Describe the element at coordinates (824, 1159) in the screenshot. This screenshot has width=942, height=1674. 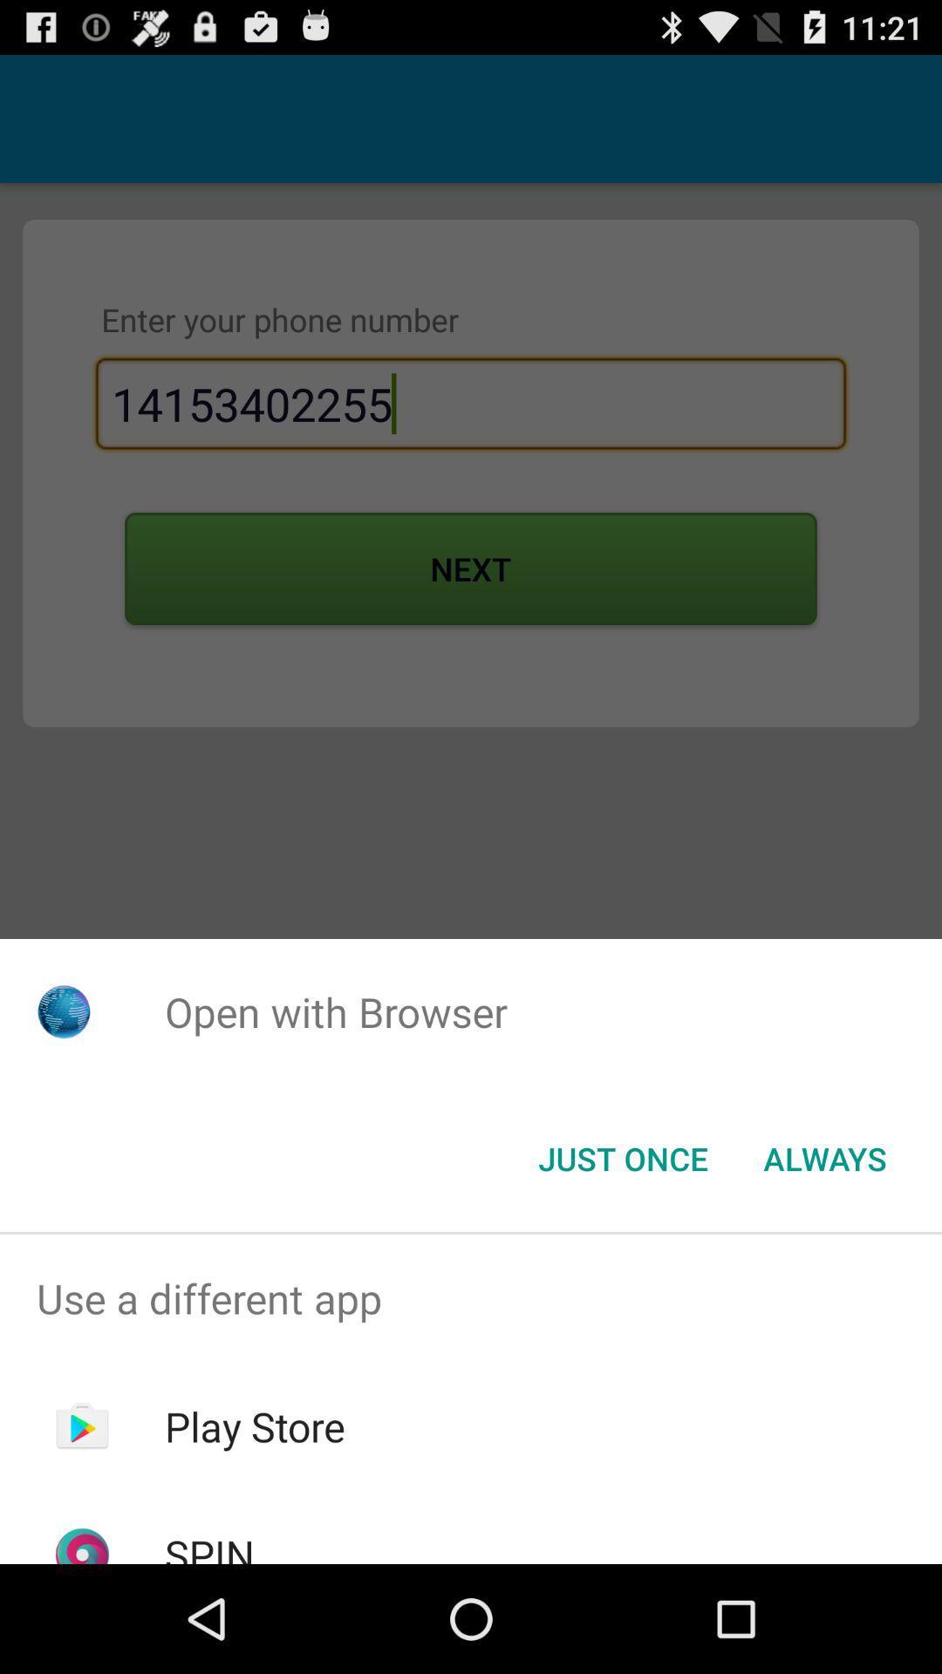
I see `item next to the just once button` at that location.